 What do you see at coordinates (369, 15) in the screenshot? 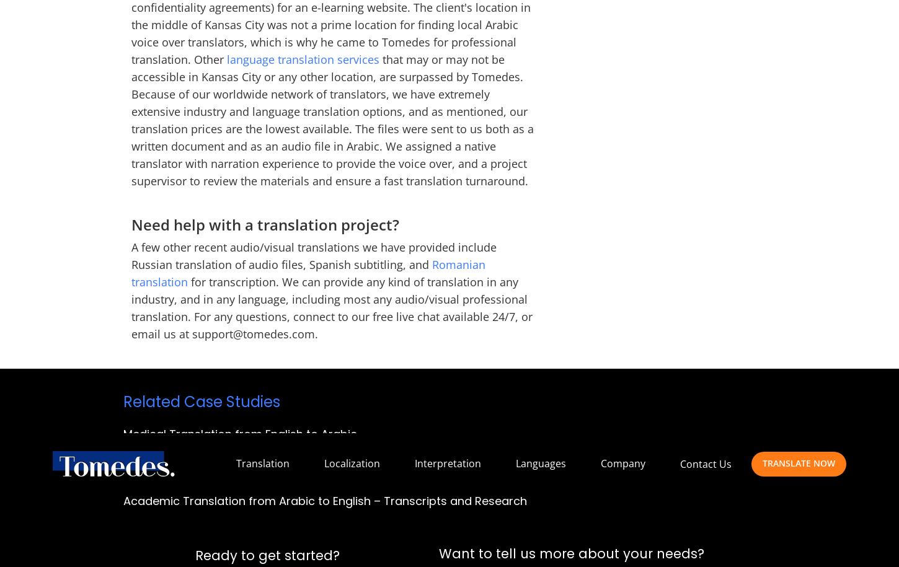
I see `'Gemini Dr #34540,'` at bounding box center [369, 15].